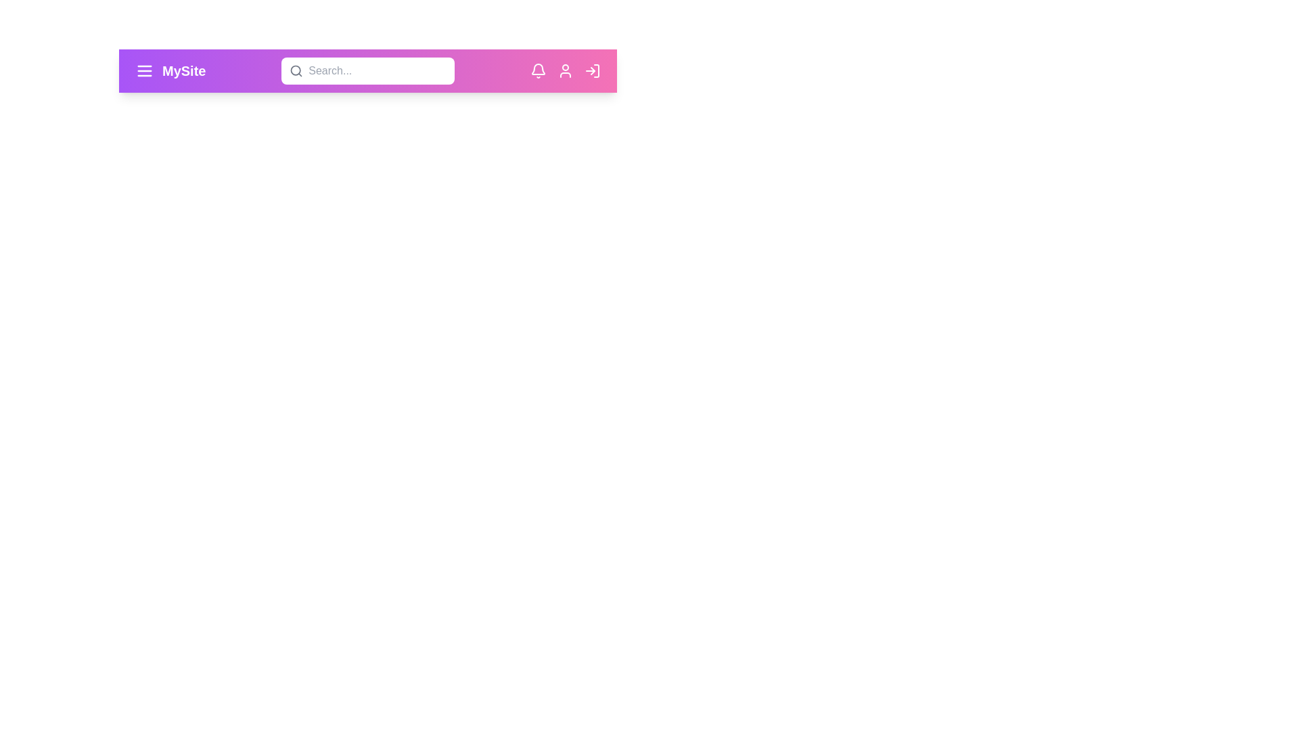 This screenshot has width=1299, height=731. What do you see at coordinates (183, 70) in the screenshot?
I see `the site name 'MySite' in the navigation bar` at bounding box center [183, 70].